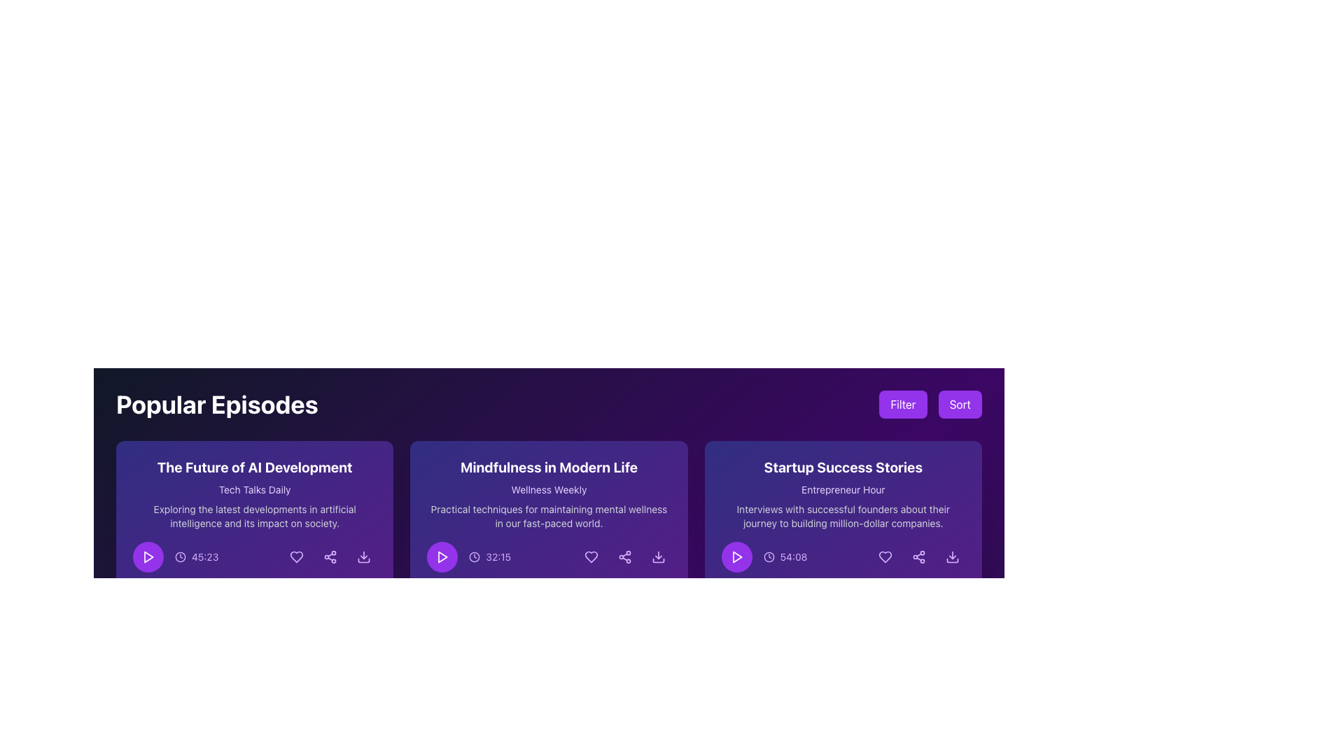 This screenshot has height=756, width=1344. I want to click on the function of the audio-related icon located in the bottom section of the episode card, specifically in the third position among similar icons, so click(138, 602).